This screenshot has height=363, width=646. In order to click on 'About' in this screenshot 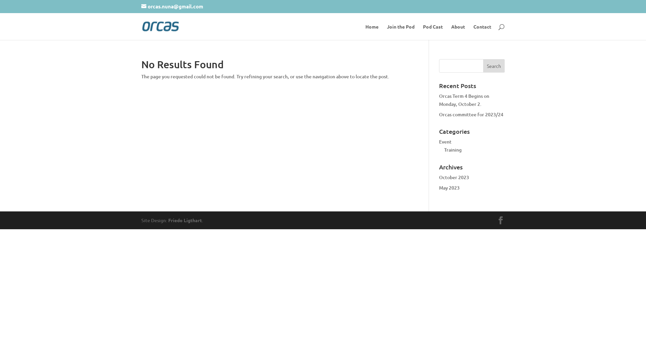, I will do `click(458, 32)`.